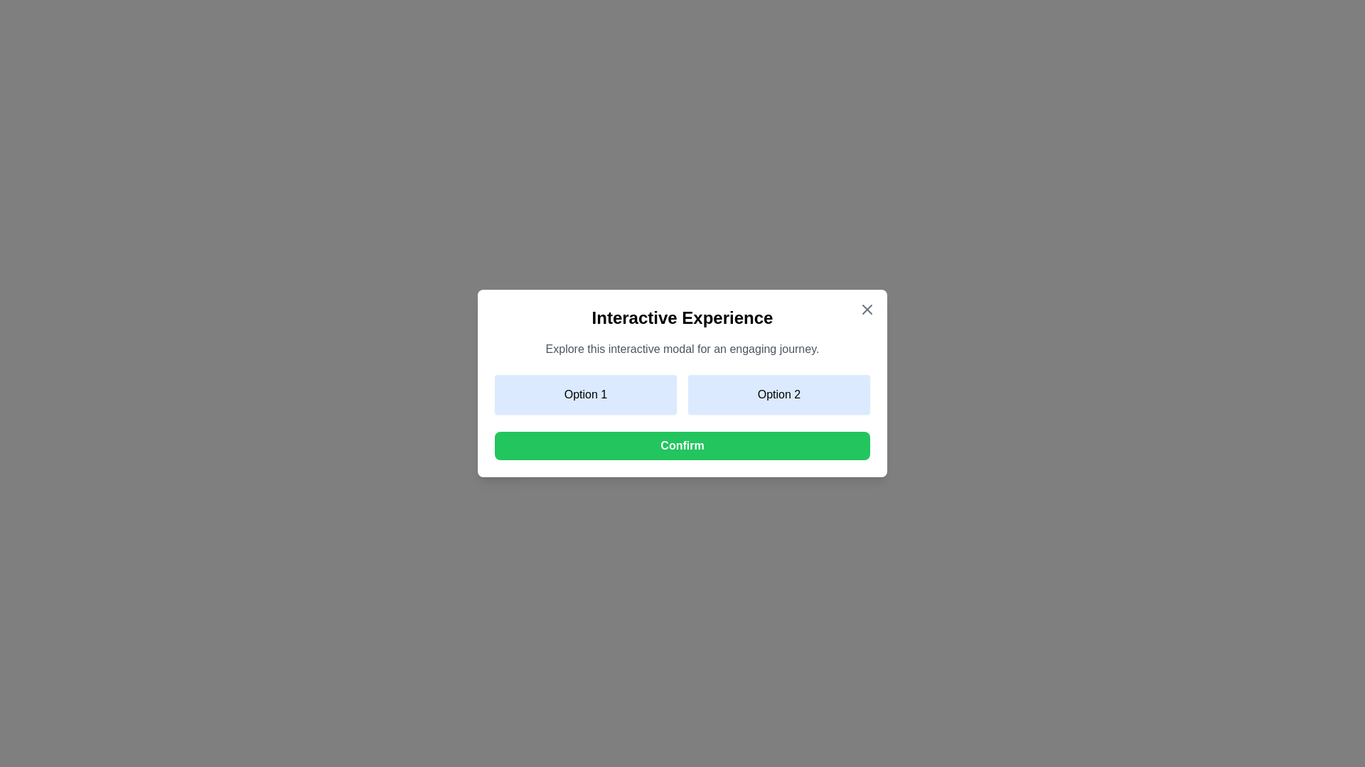 The height and width of the screenshot is (767, 1365). What do you see at coordinates (682, 445) in the screenshot?
I see `the green 'Confirm' button with rounded edges to observe the hover effect` at bounding box center [682, 445].